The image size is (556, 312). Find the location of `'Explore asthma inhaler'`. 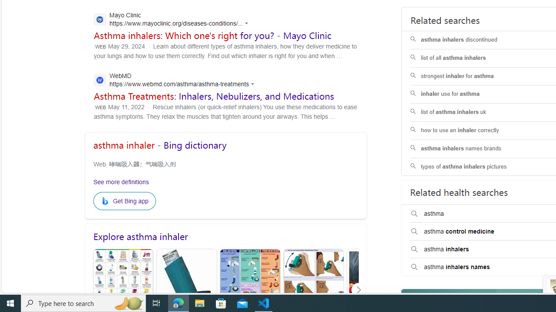

'Explore asthma inhaler' is located at coordinates (226, 237).